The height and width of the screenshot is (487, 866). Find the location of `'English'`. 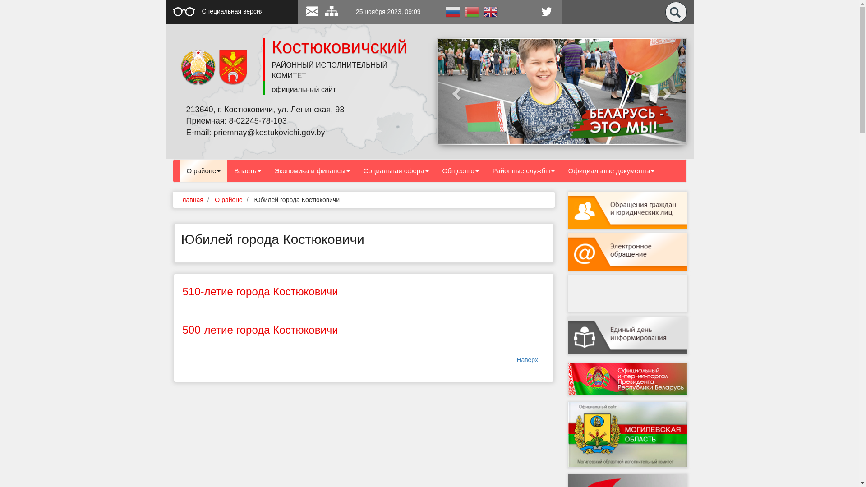

'English' is located at coordinates (480, 11).